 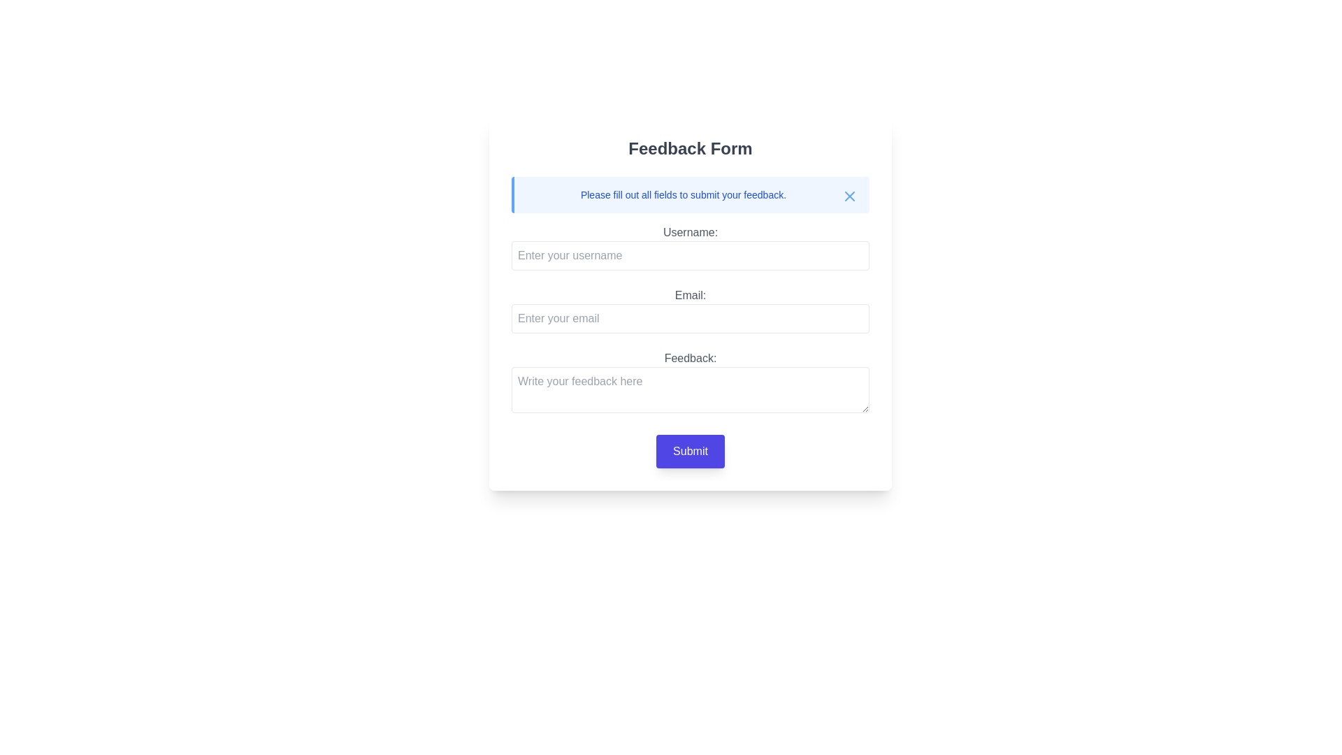 I want to click on the email input field, which is labeled 'Email:' and positioned below the 'Username:' field in the feedback form, to focus on it, so click(x=691, y=309).